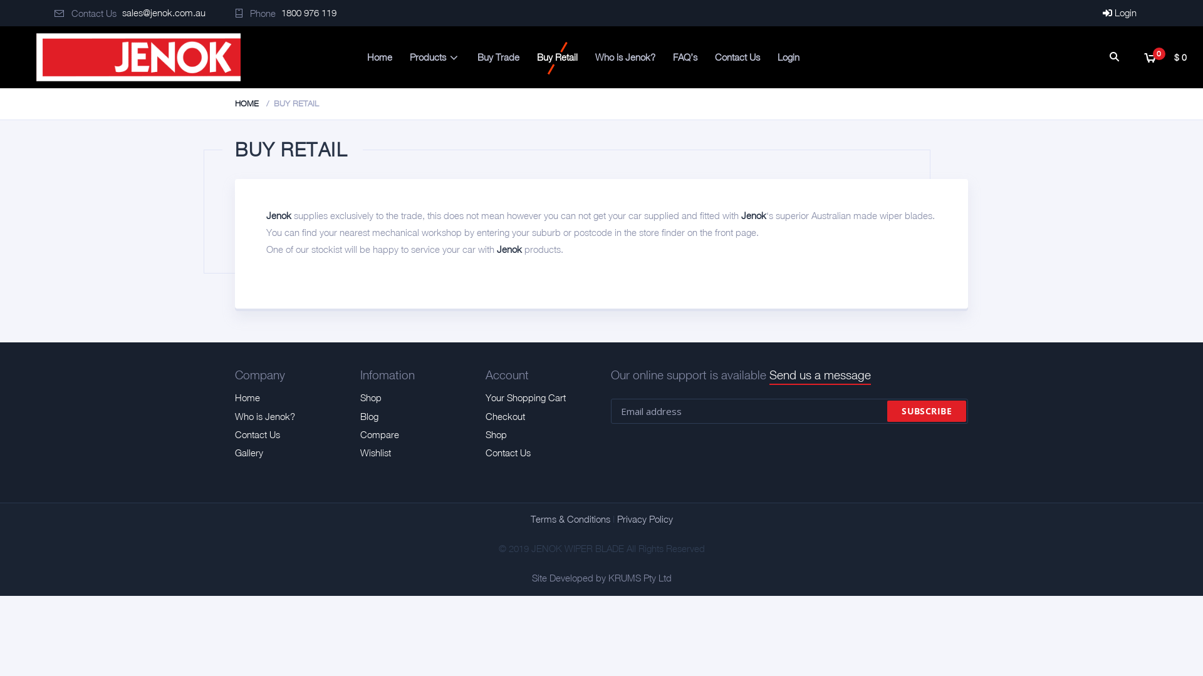 The width and height of the screenshot is (1203, 676). Describe the element at coordinates (370, 397) in the screenshot. I see `'Shop'` at that location.